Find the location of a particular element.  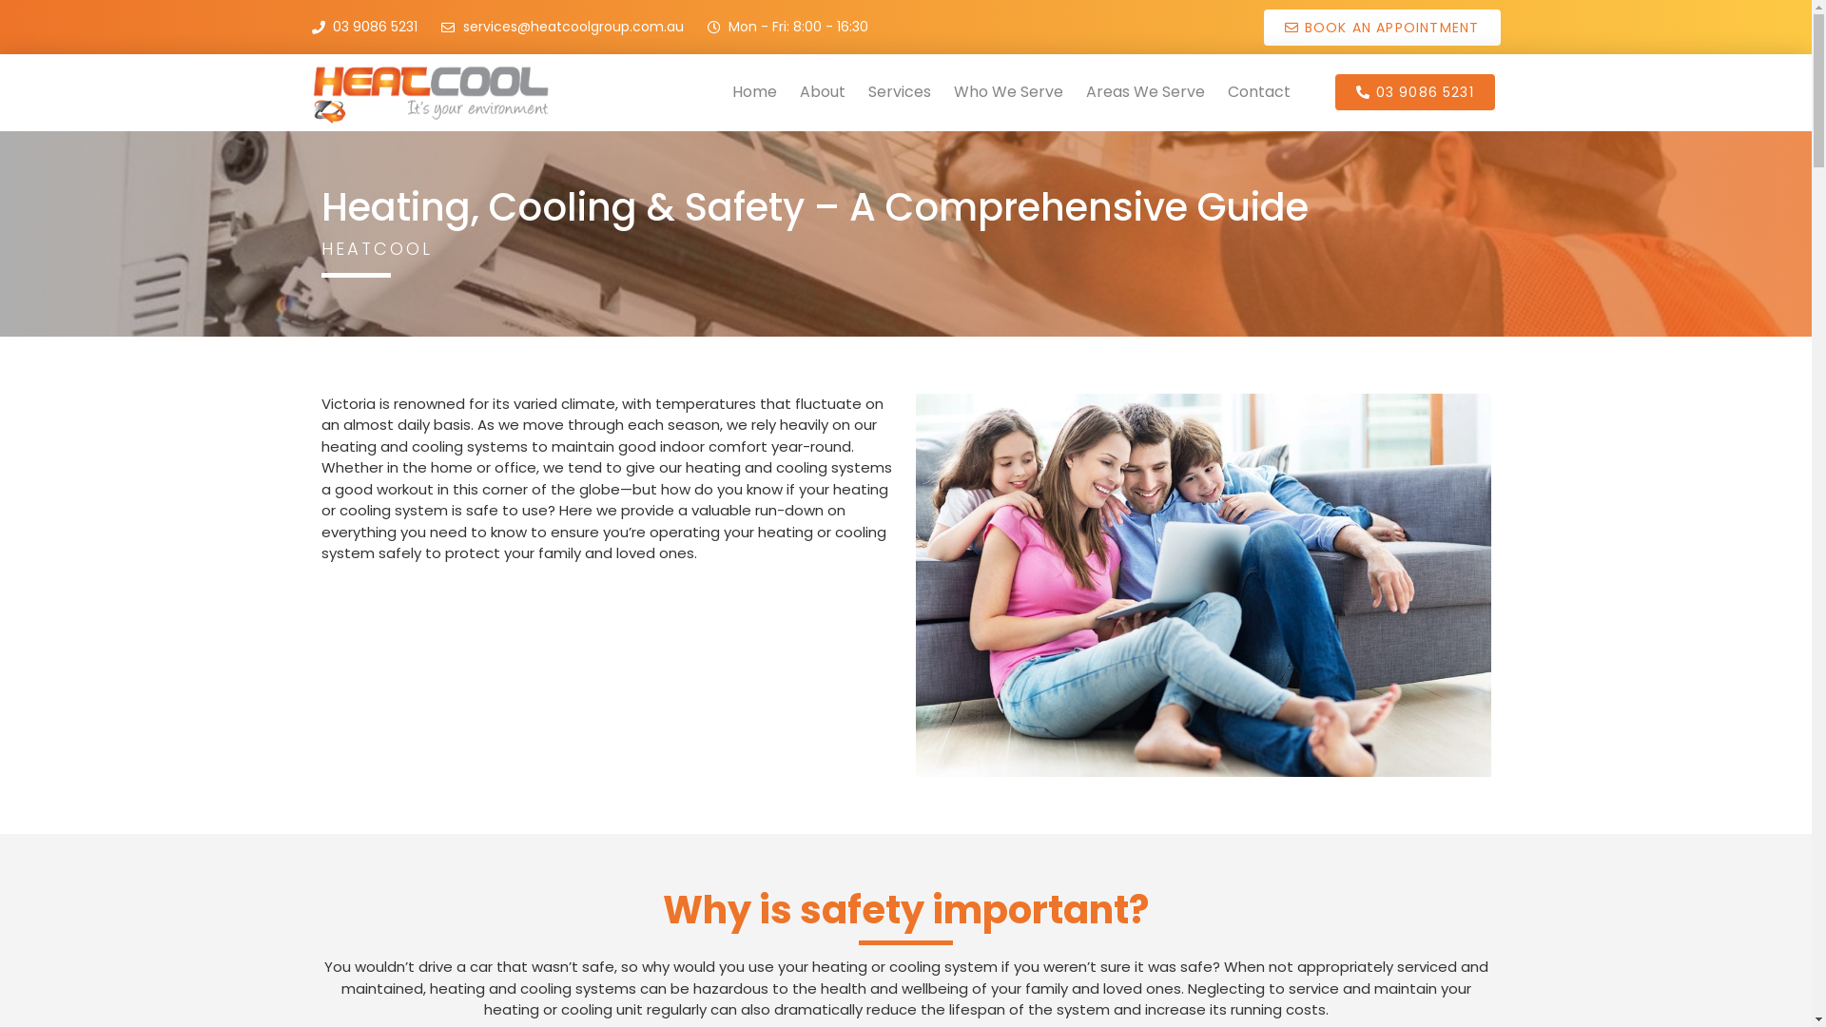

'Areas We Serve' is located at coordinates (1144, 91).